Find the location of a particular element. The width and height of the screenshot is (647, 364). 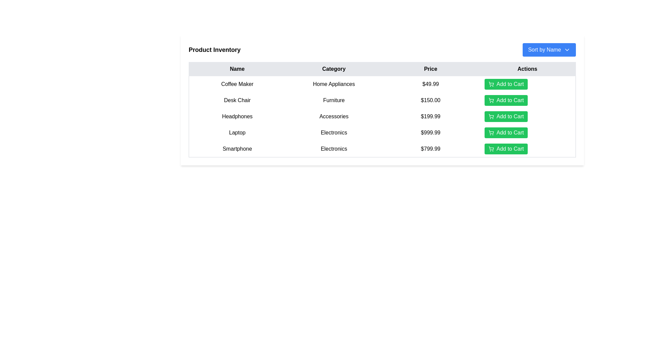

the shopping cart icon located within the green 'Add to Cart' button in the fourth row of the 'Product Inventory' table for the 'Laptop' product is located at coordinates (491, 132).